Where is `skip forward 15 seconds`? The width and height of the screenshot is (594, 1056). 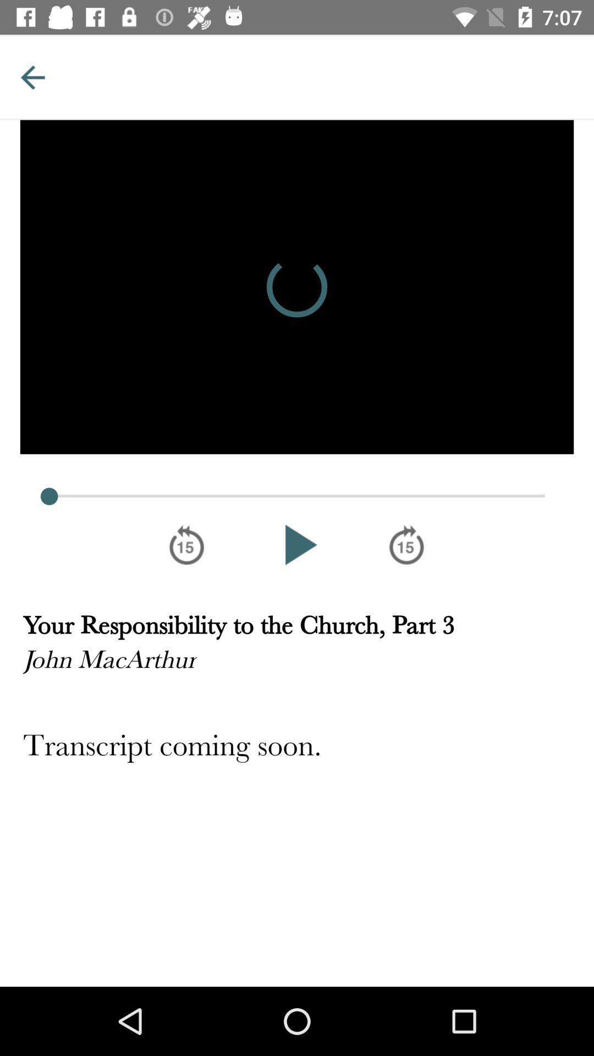 skip forward 15 seconds is located at coordinates (406, 544).